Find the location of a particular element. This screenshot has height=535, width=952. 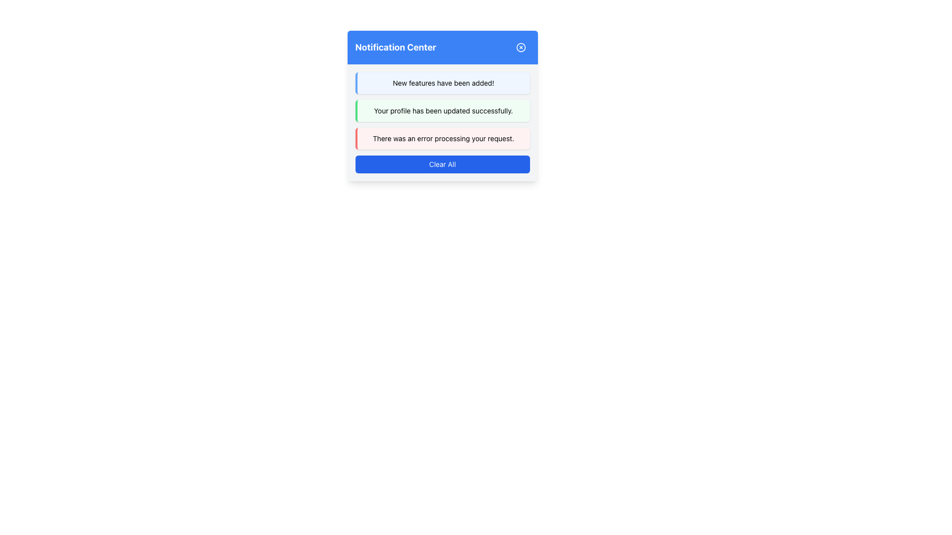

the Informational Notification Box with a light blue background and the text 'New features have been added!', located at the top of the notifications list is located at coordinates (442, 83).